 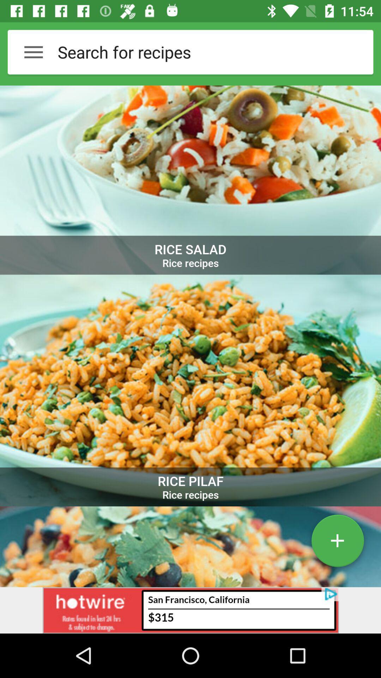 I want to click on the add icon, so click(x=337, y=543).